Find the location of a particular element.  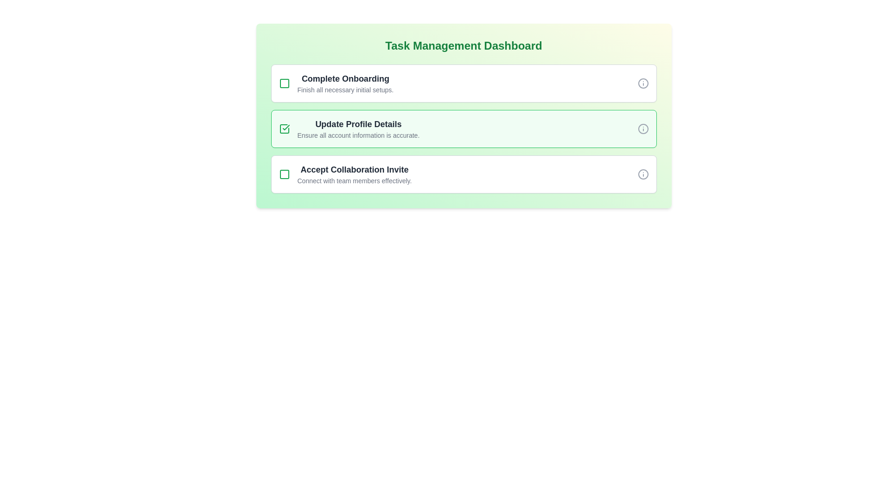

the Checkbox icon with a checkmark that signifies completion for the task 'Update Profile Details' is located at coordinates (284, 128).